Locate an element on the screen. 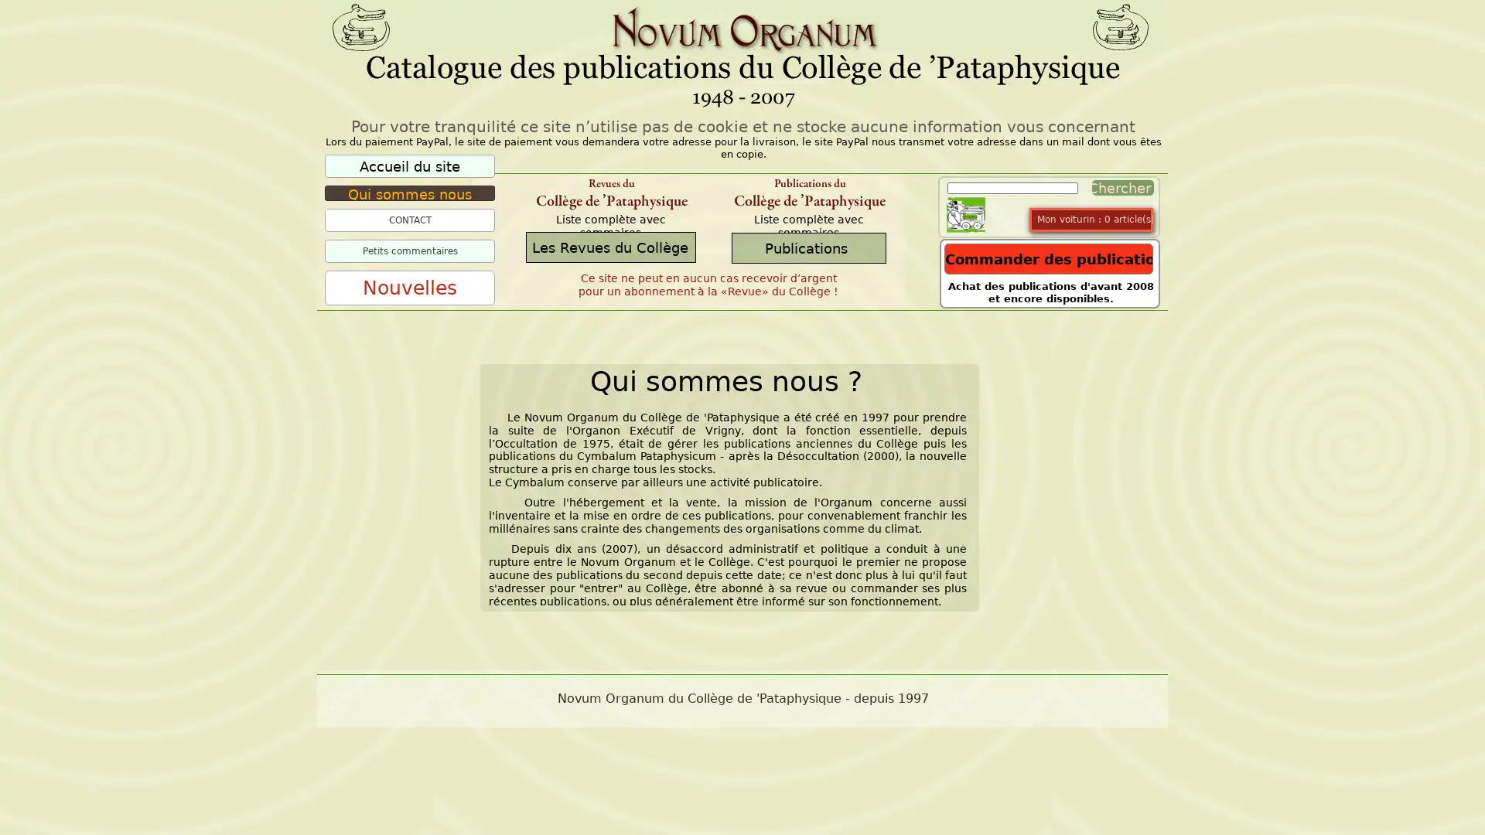 This screenshot has height=835, width=1485. Petits commentaires is located at coordinates (409, 250).